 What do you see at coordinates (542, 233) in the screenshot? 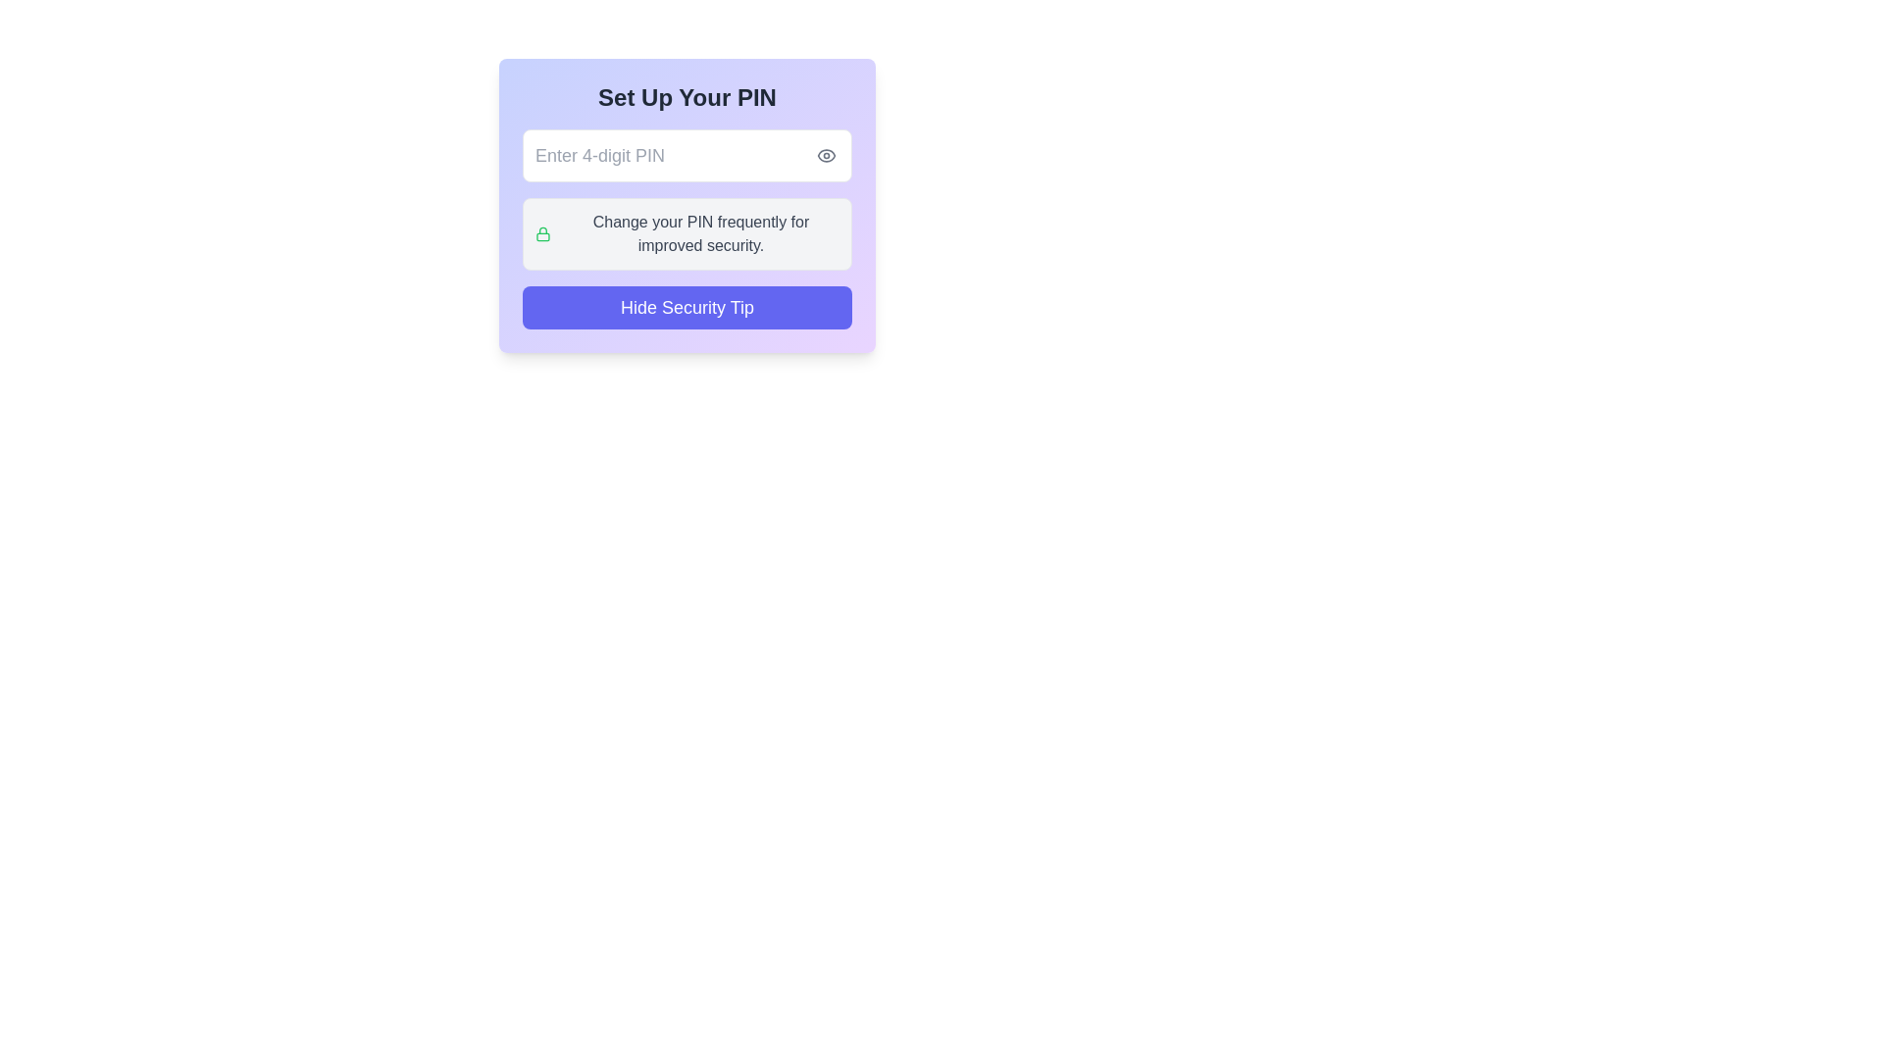
I see `the lock icon with a green outline, which is positioned to the left of the text 'Change your PIN frequently for improved security.'` at bounding box center [542, 233].